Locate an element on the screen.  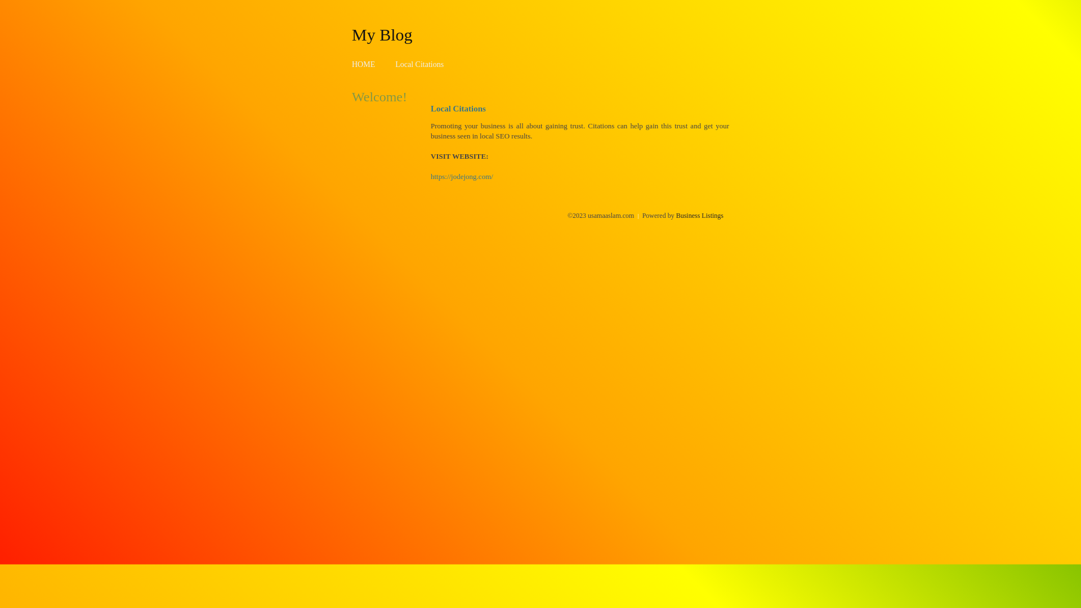
'My Blog' is located at coordinates (382, 34).